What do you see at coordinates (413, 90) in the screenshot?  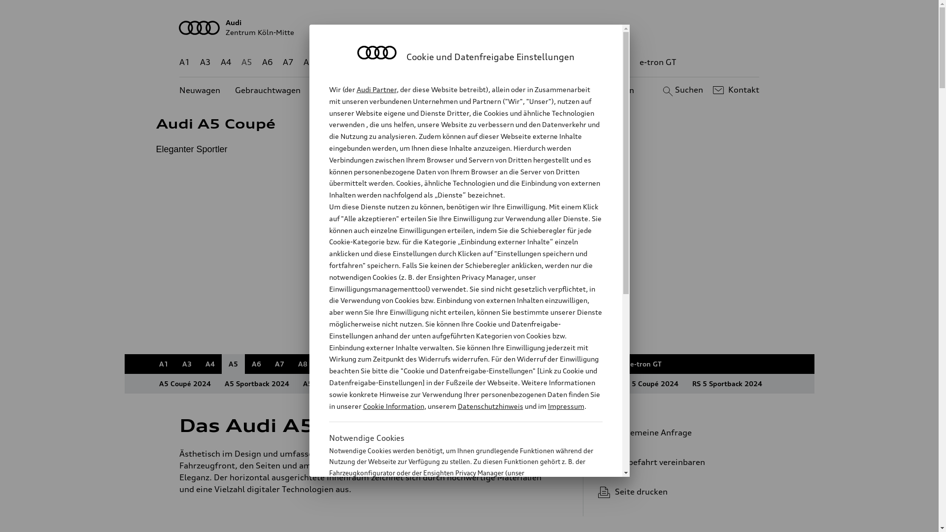 I see `'Angebote'` at bounding box center [413, 90].